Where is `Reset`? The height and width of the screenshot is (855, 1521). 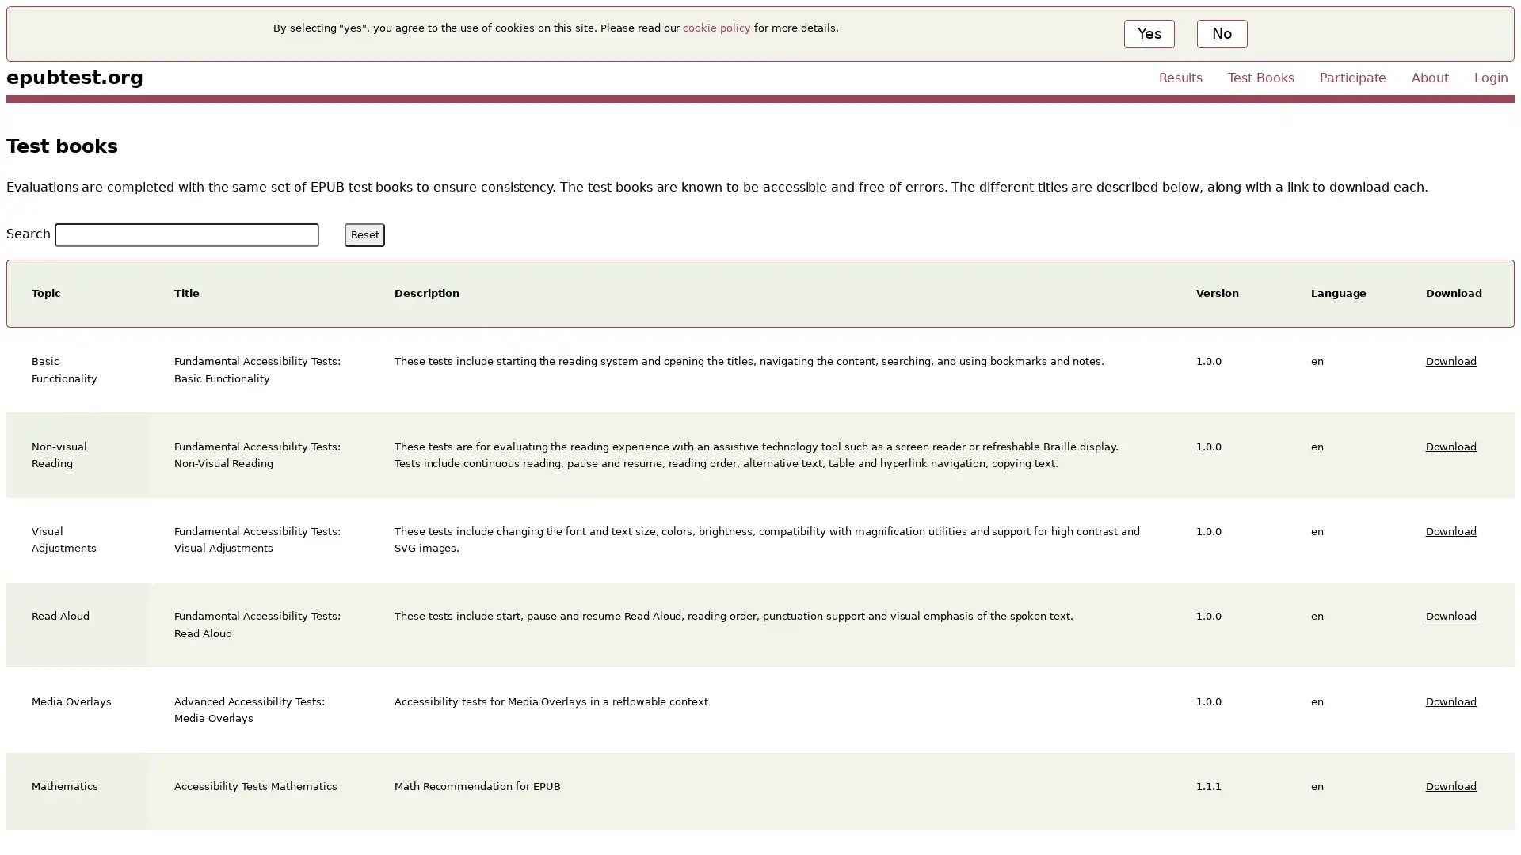 Reset is located at coordinates (364, 234).